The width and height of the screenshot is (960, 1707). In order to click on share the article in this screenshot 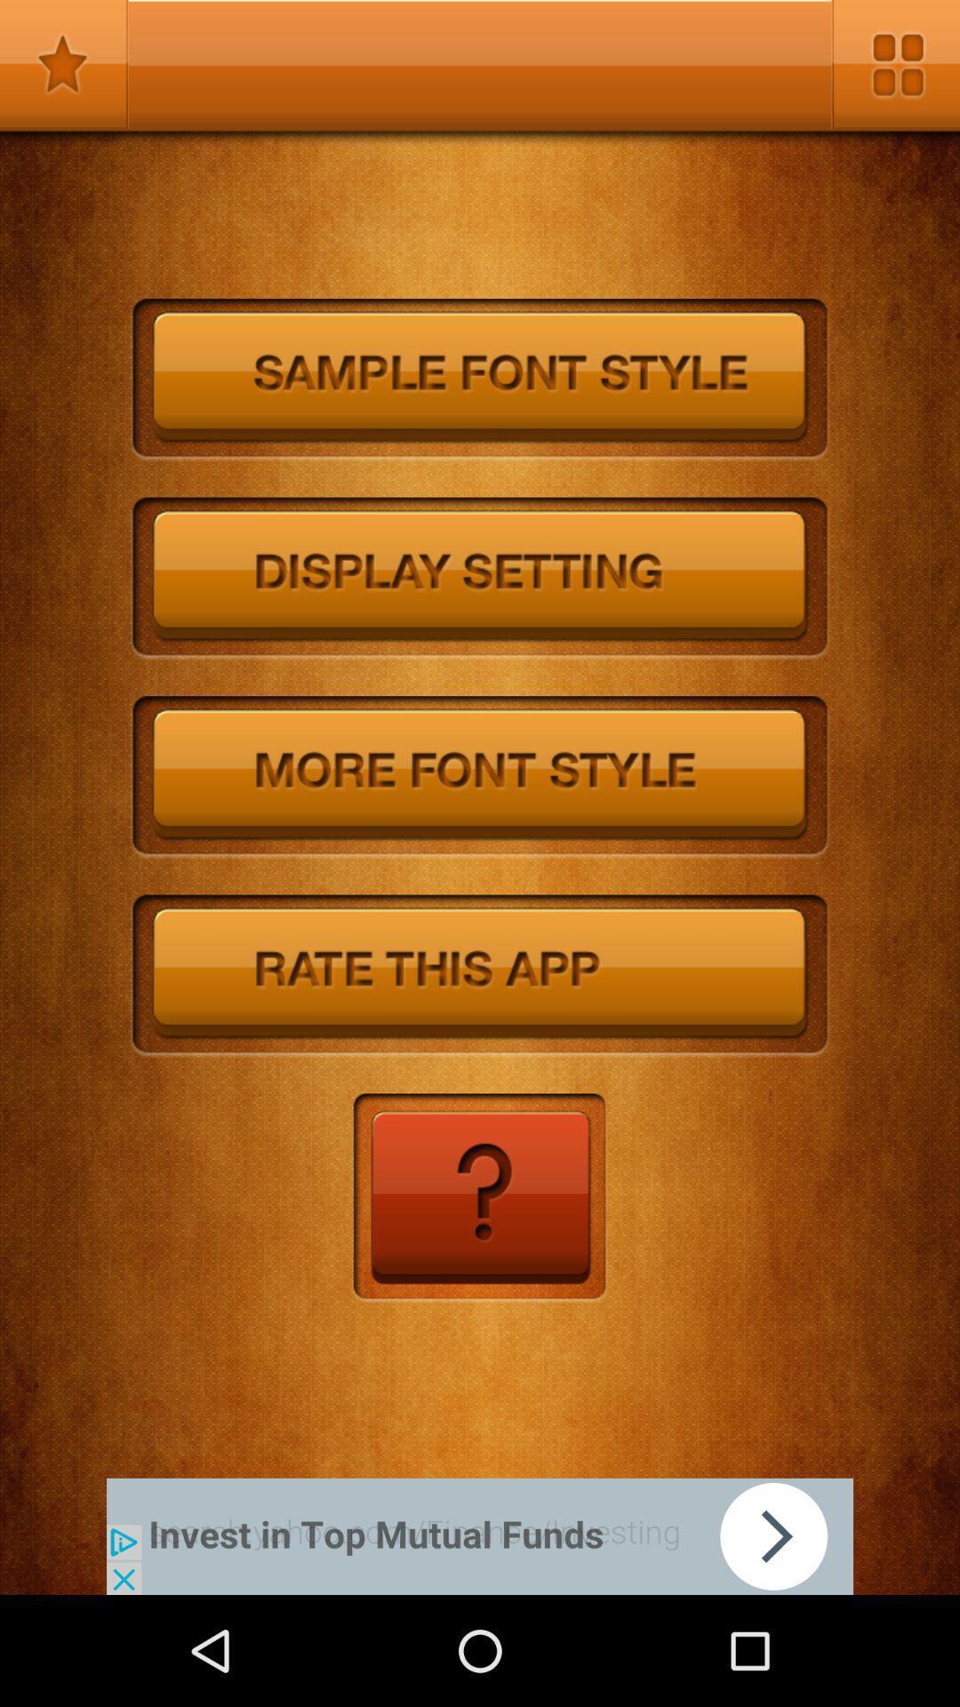, I will do `click(480, 1535)`.